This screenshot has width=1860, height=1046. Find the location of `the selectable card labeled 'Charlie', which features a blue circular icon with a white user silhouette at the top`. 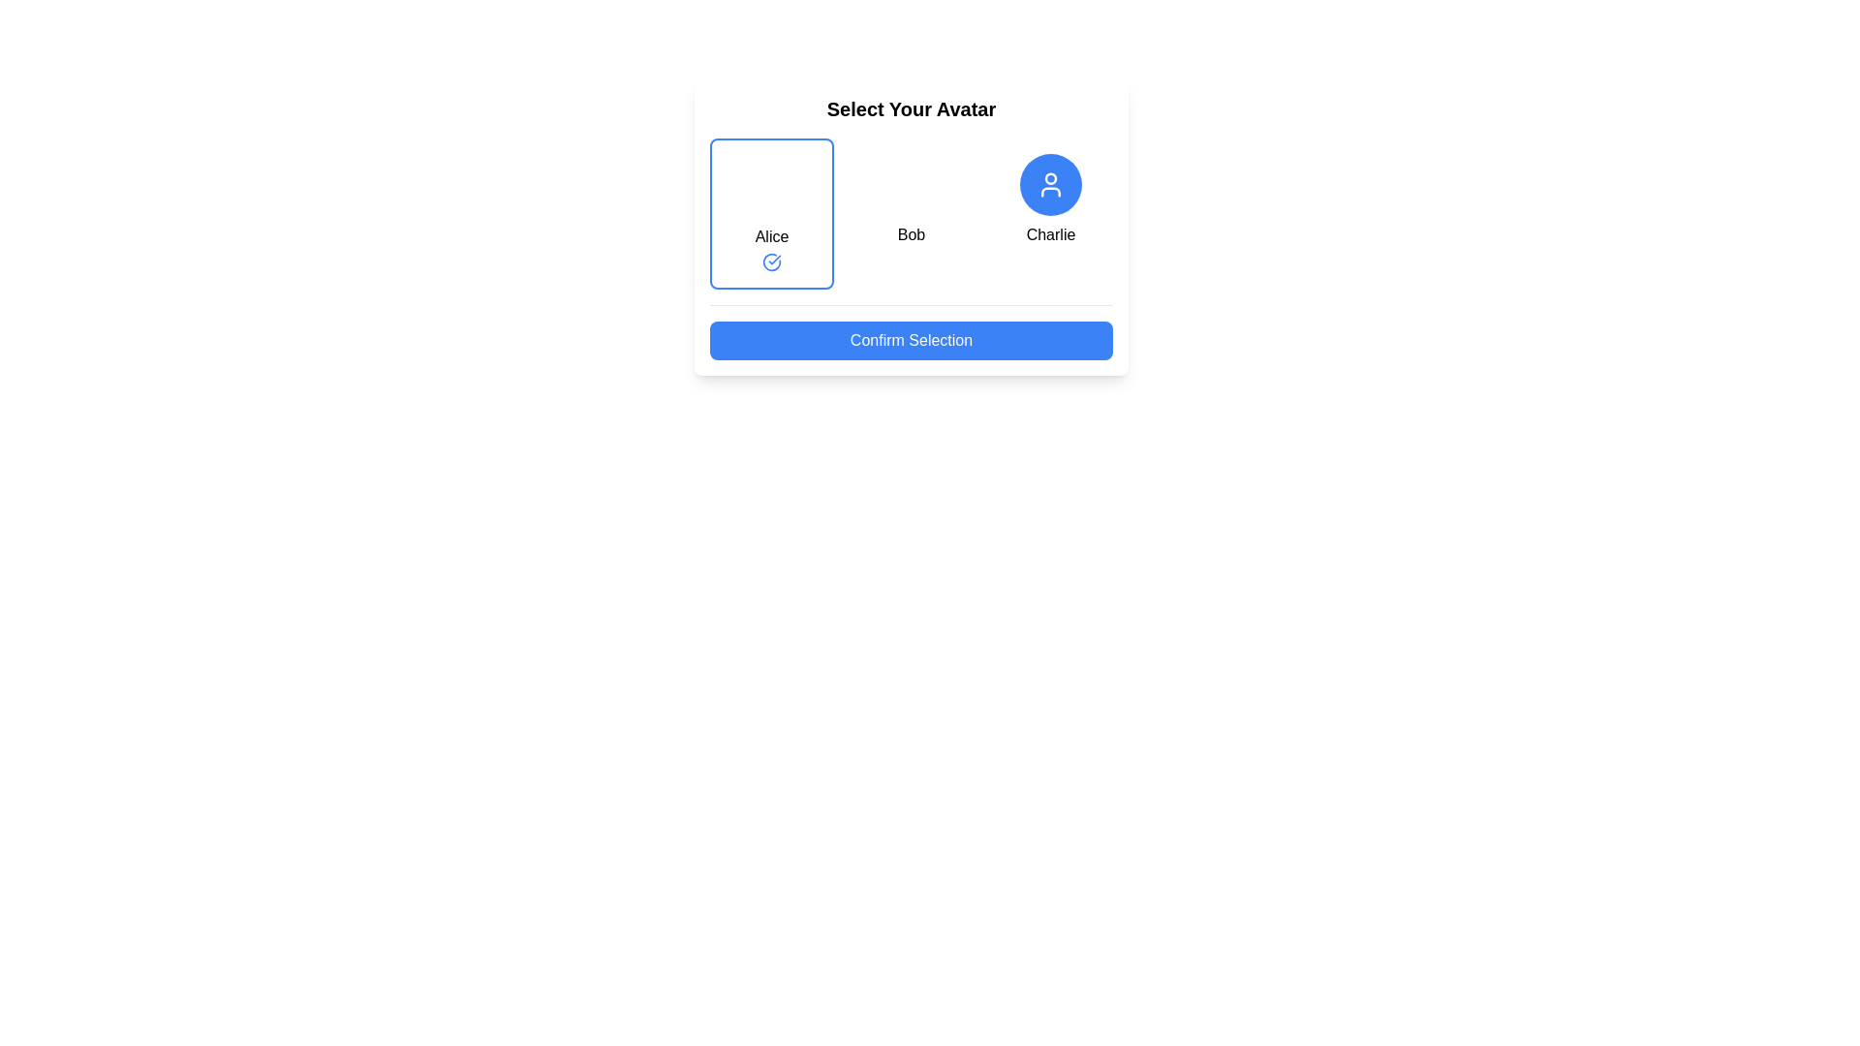

the selectable card labeled 'Charlie', which features a blue circular icon with a white user silhouette at the top is located at coordinates (1049, 213).